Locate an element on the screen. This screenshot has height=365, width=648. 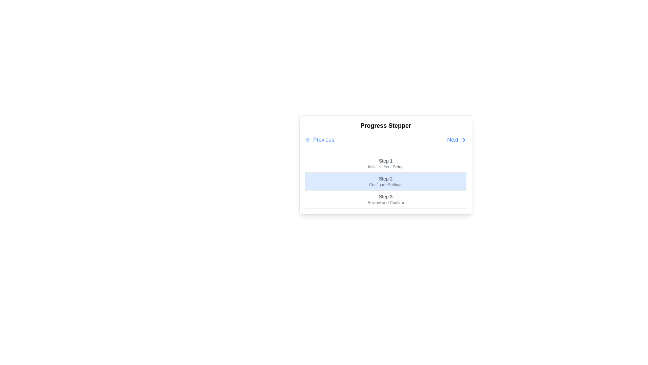
the text label displaying 'Review and Confirm', located at the bottom of the 'Step 3' section in the progression stepper interface is located at coordinates (385, 202).